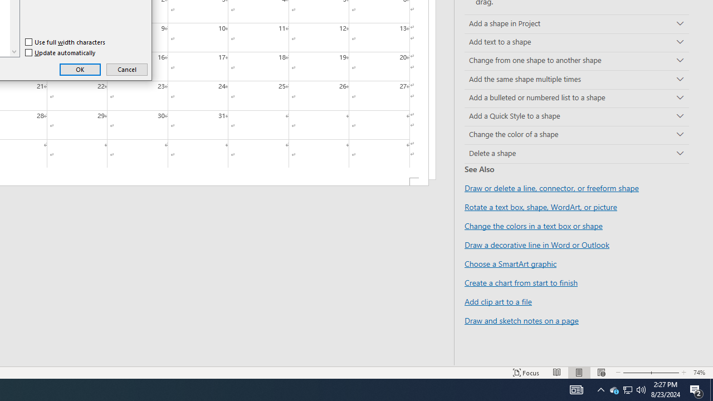 The height and width of the screenshot is (401, 713). What do you see at coordinates (80, 69) in the screenshot?
I see `'OK'` at bounding box center [80, 69].